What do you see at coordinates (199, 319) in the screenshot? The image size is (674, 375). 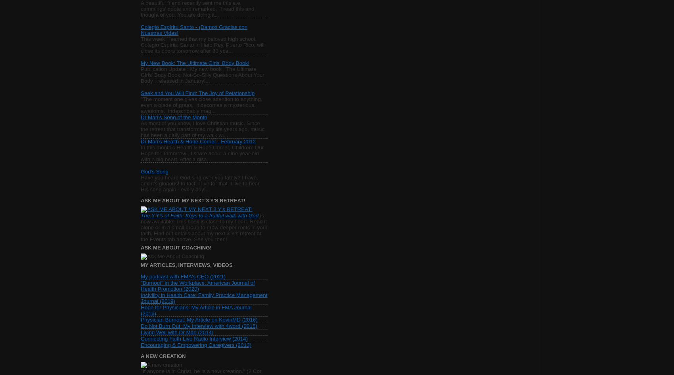 I see `'Physician Burnout: My Article on KevinMD (2016)'` at bounding box center [199, 319].